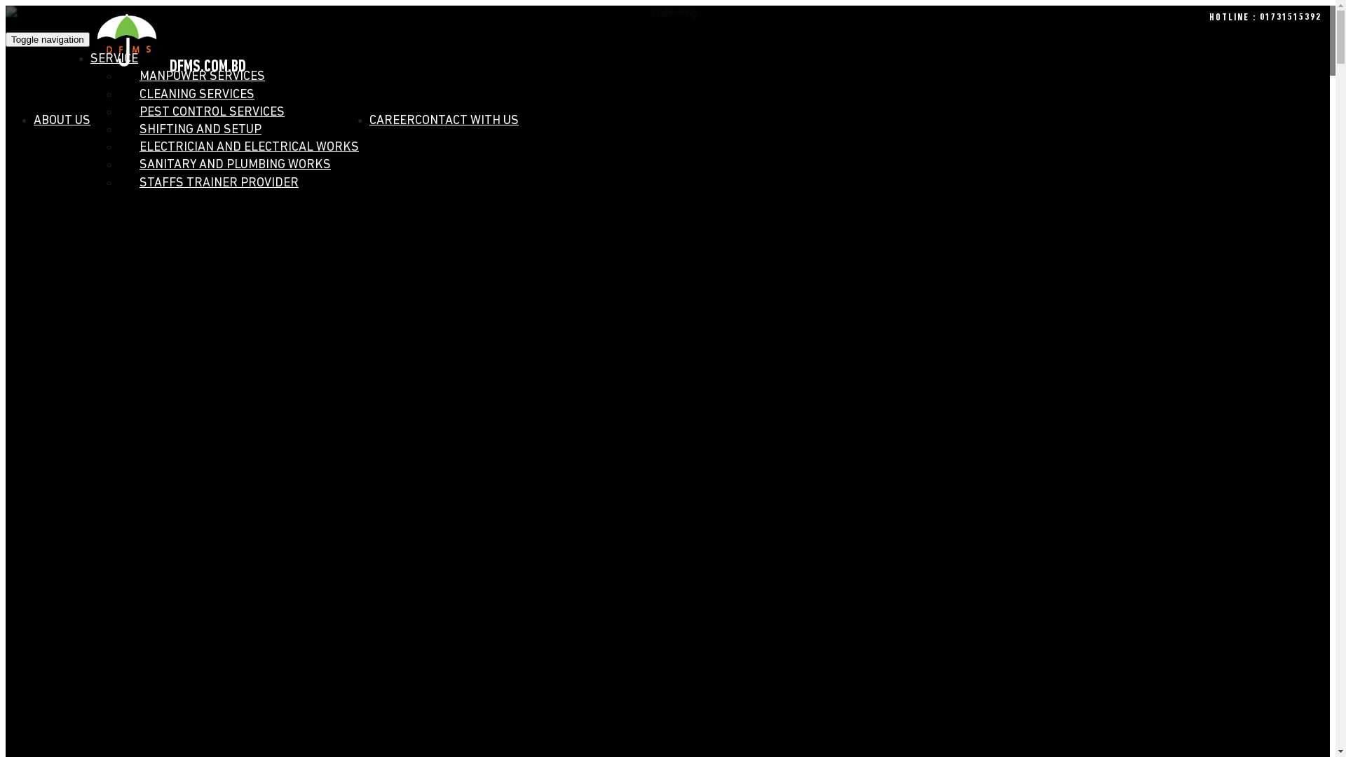  I want to click on 'SERVICE', so click(114, 71).